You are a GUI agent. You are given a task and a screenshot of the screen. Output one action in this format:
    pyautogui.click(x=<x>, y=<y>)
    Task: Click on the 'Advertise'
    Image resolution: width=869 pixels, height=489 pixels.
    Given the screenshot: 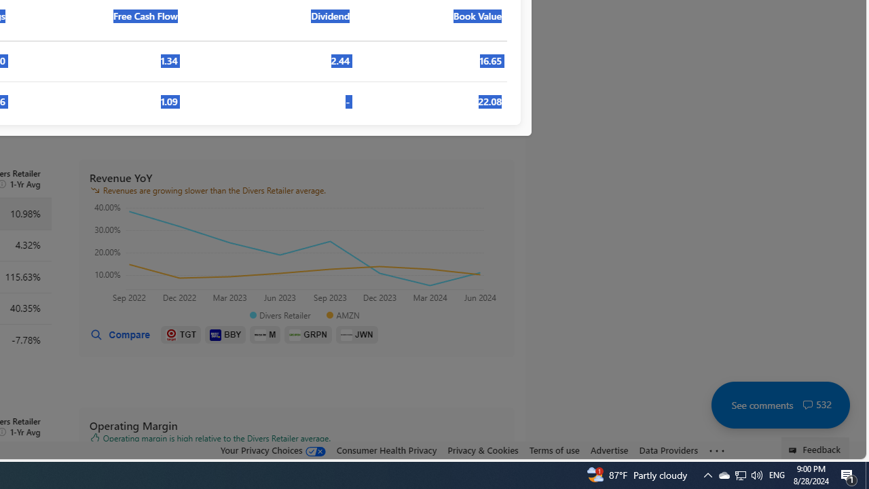 What is the action you would take?
    pyautogui.click(x=608, y=450)
    